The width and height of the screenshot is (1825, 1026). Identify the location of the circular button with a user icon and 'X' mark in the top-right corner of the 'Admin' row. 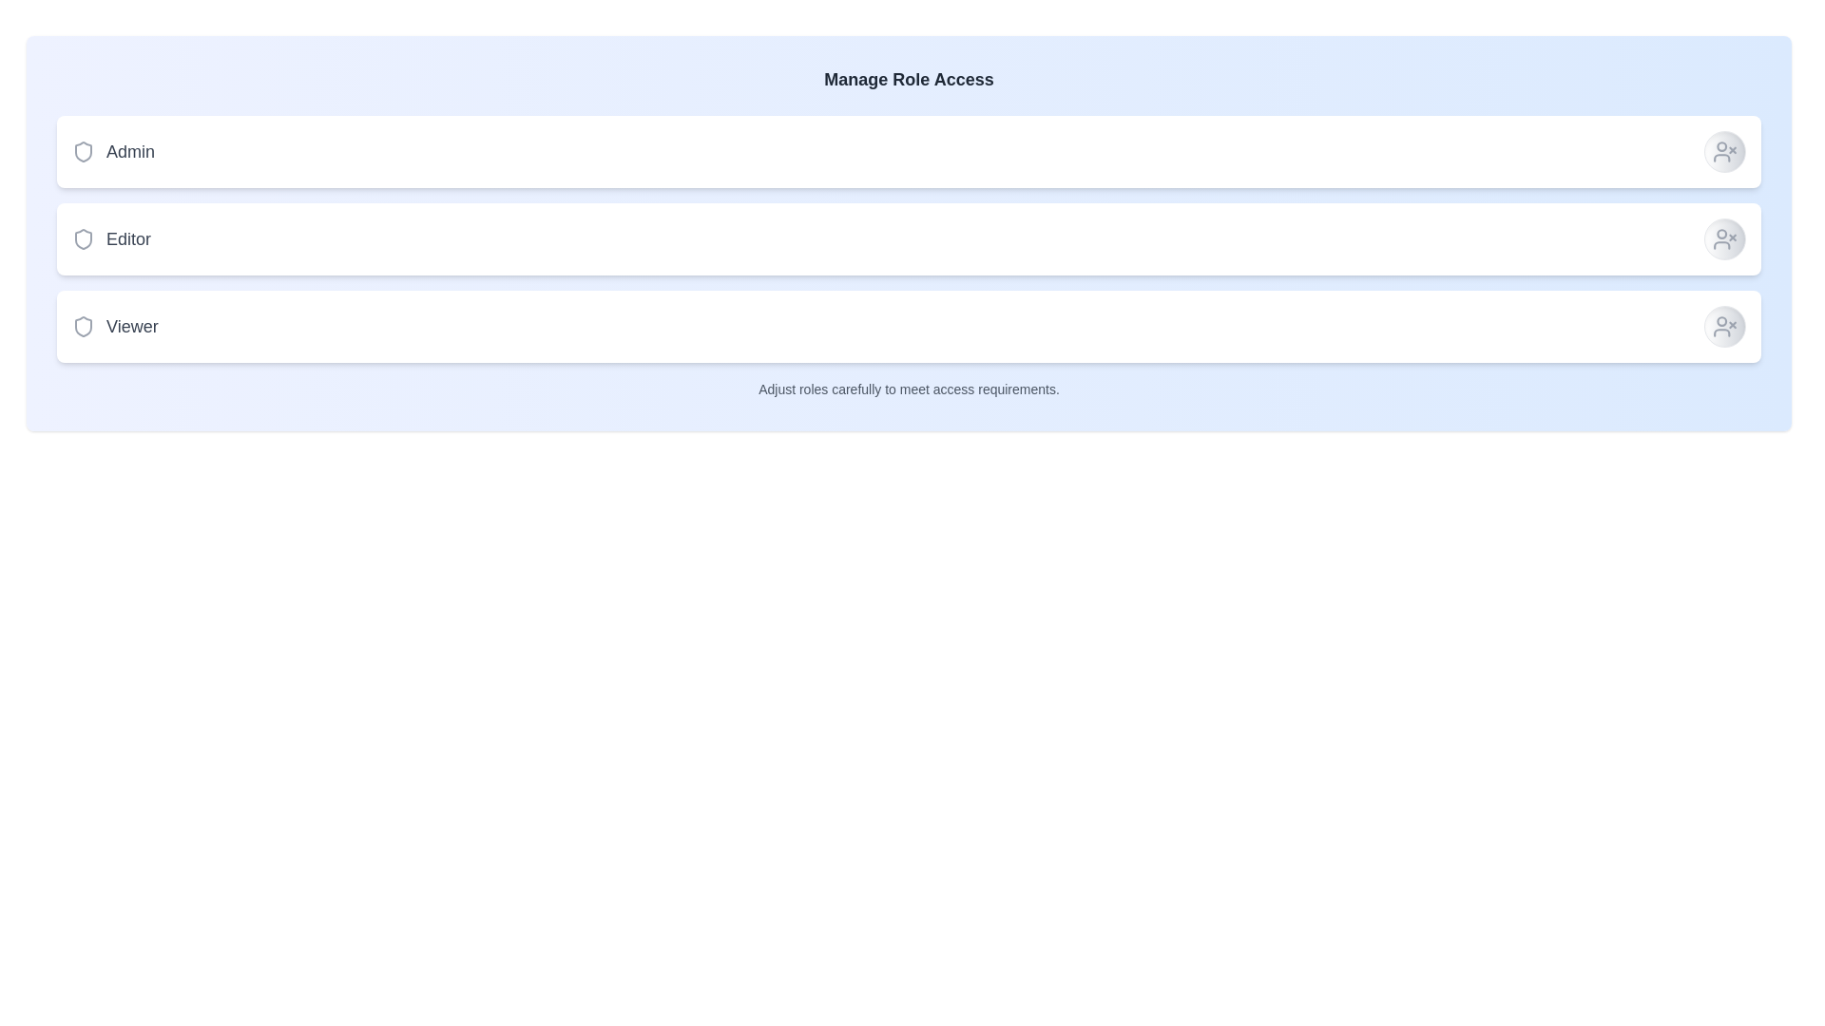
(1724, 150).